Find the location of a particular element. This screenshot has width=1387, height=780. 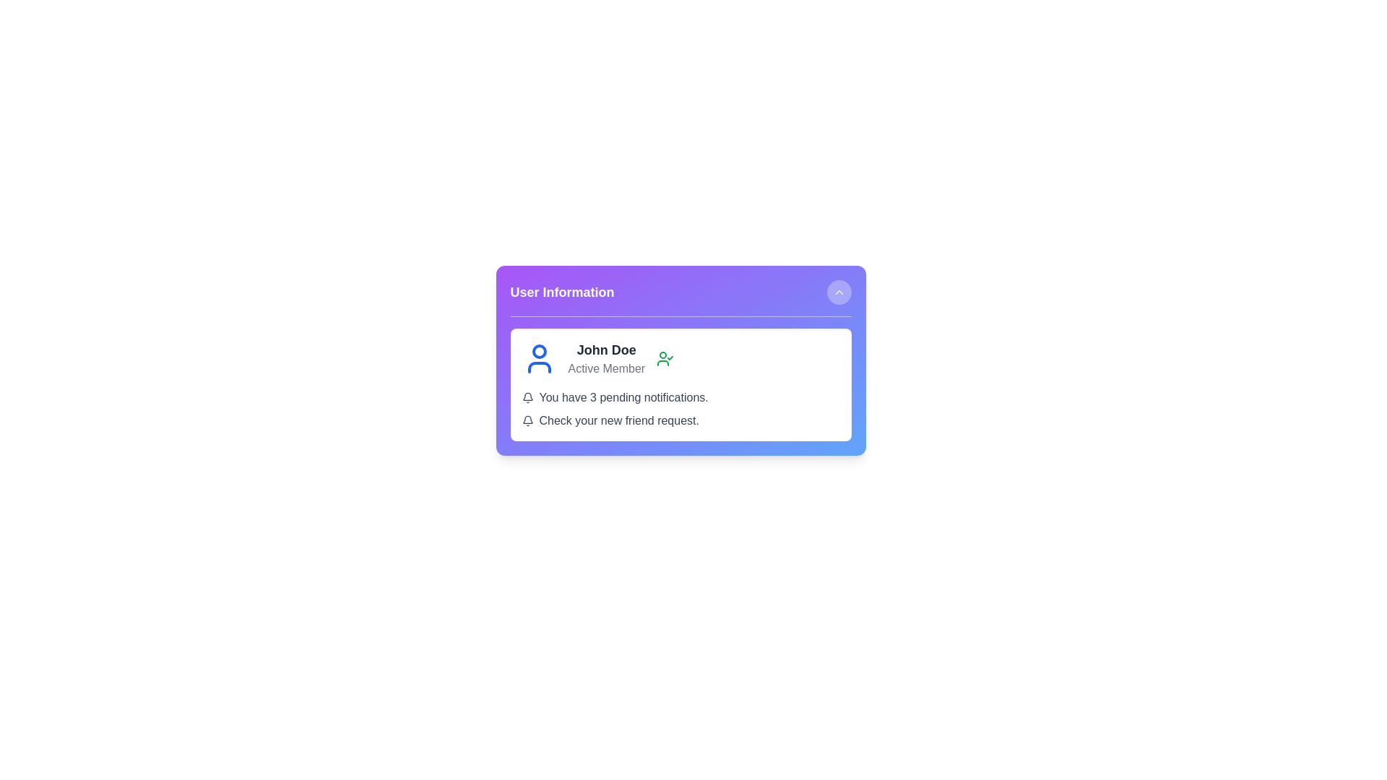

notifications displayed in the text element located below the user's name and membership status within the card is located at coordinates (680, 409).